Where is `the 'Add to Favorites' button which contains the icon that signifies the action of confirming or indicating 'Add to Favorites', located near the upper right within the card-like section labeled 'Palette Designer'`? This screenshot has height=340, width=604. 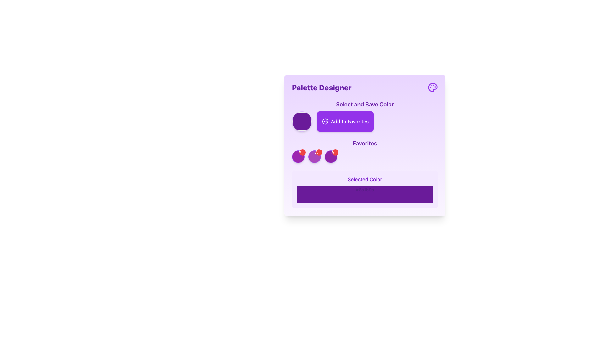 the 'Add to Favorites' button which contains the icon that signifies the action of confirming or indicating 'Add to Favorites', located near the upper right within the card-like section labeled 'Palette Designer' is located at coordinates (325, 121).